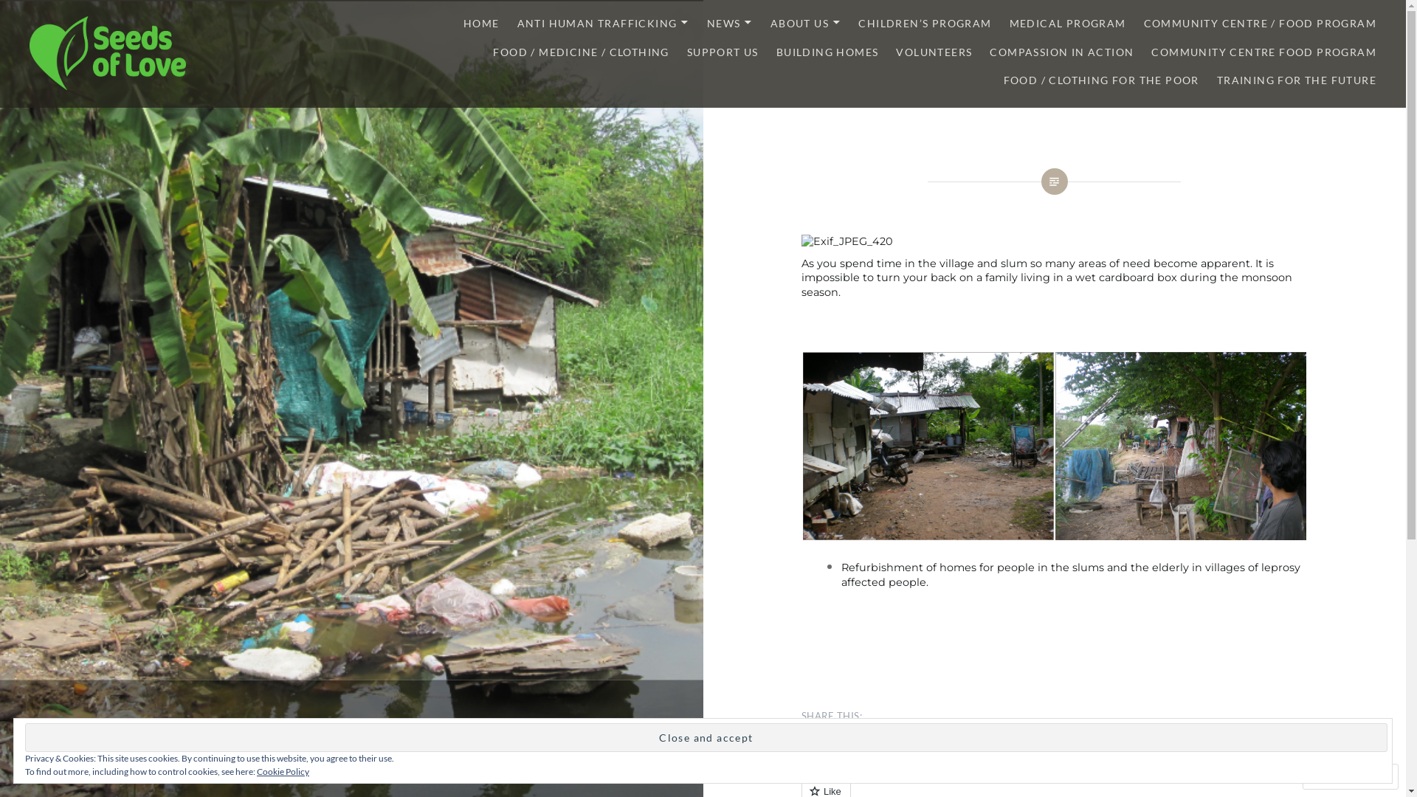  I want to click on 'COMPASSION IN ACTION', so click(1061, 52).